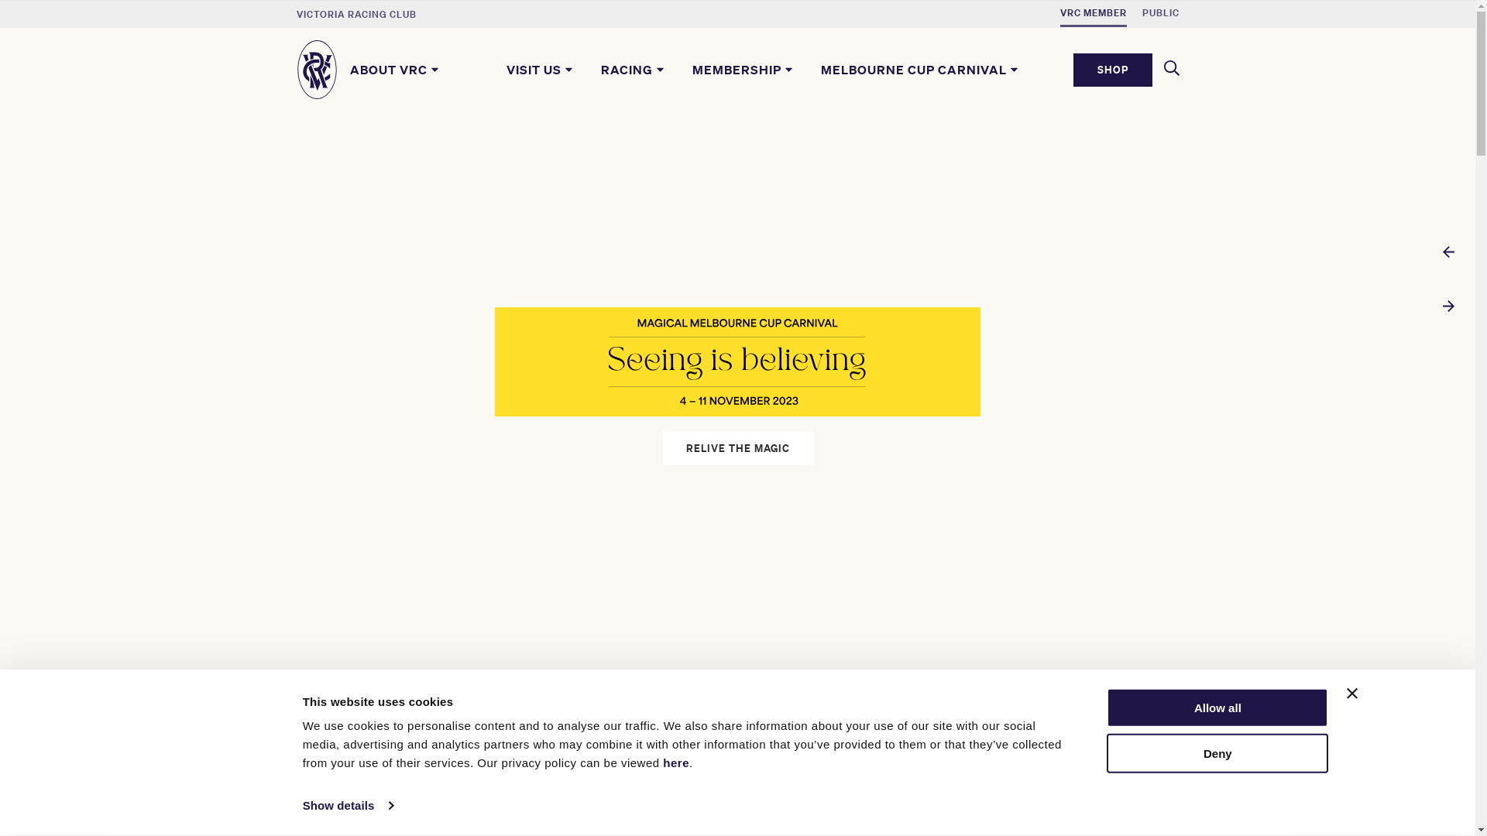  What do you see at coordinates (1216, 708) in the screenshot?
I see `'Allow all'` at bounding box center [1216, 708].